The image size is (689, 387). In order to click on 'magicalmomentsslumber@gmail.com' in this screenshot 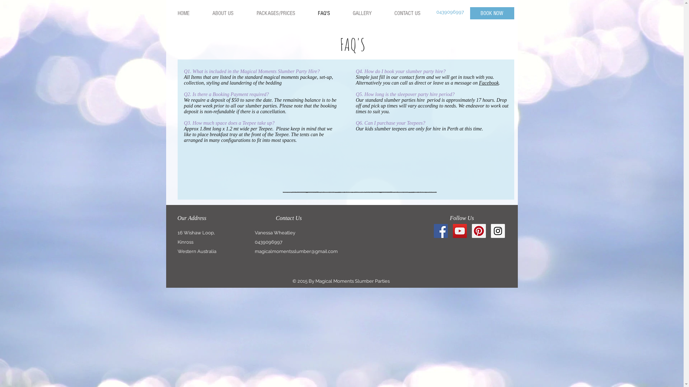, I will do `click(296, 251)`.